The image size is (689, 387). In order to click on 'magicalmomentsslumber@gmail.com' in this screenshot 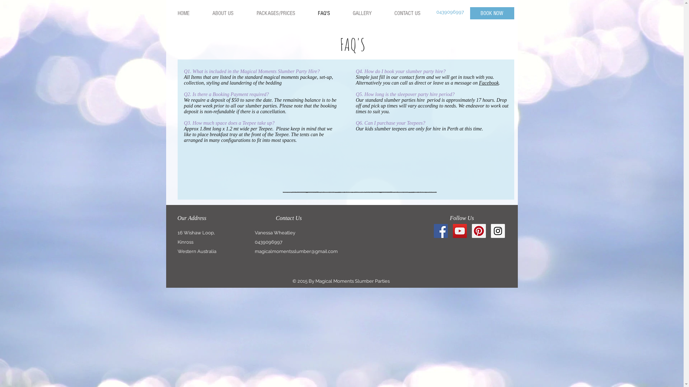, I will do `click(296, 251)`.